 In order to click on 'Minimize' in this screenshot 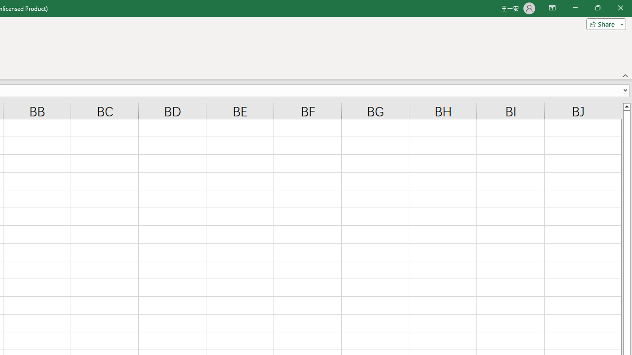, I will do `click(575, 8)`.